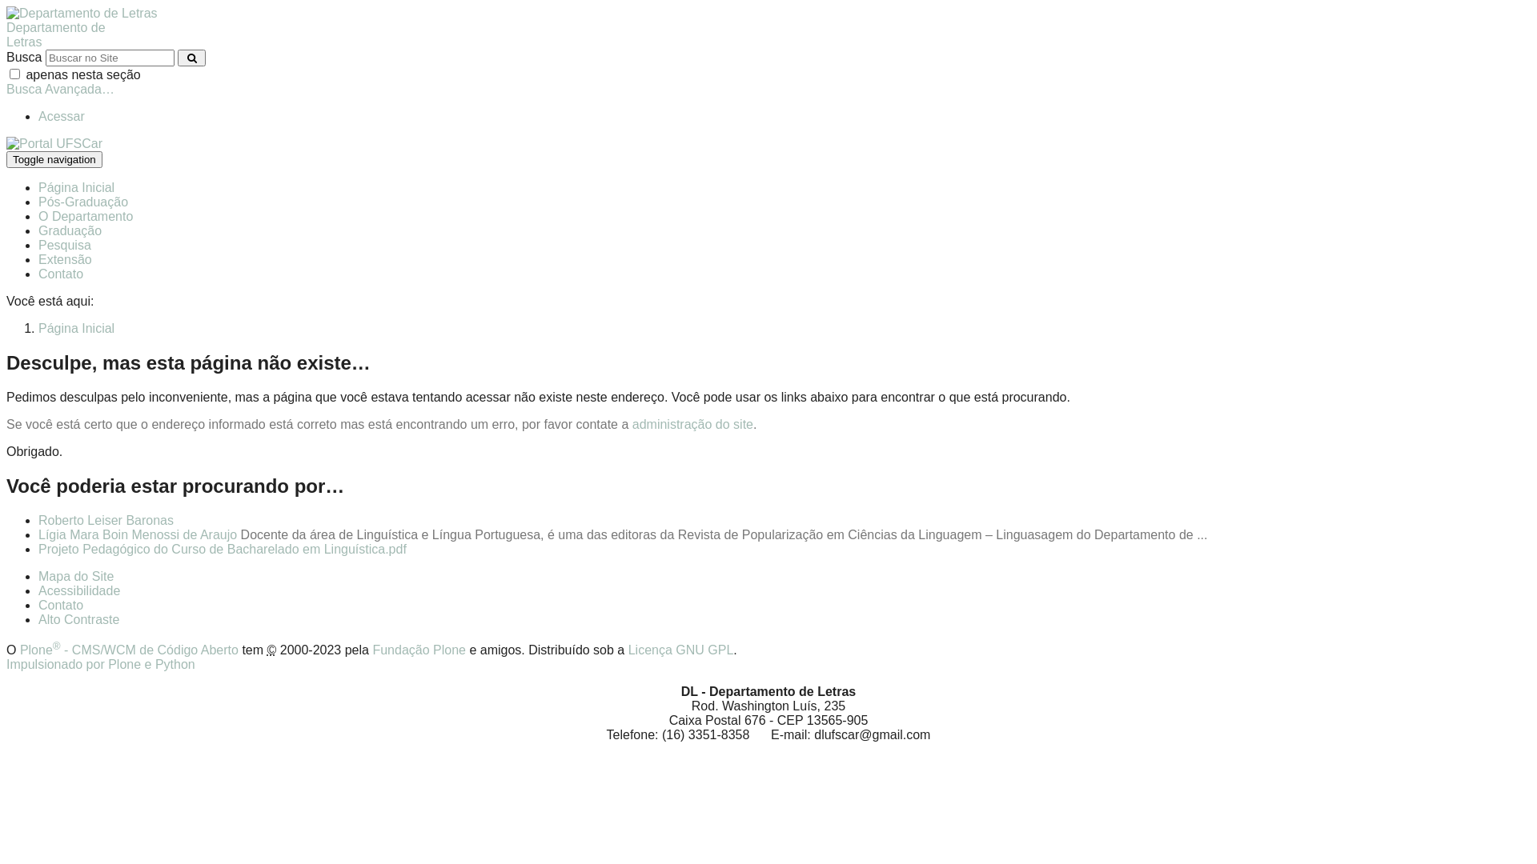 The height and width of the screenshot is (864, 1537). I want to click on 'O Departamento', so click(84, 216).